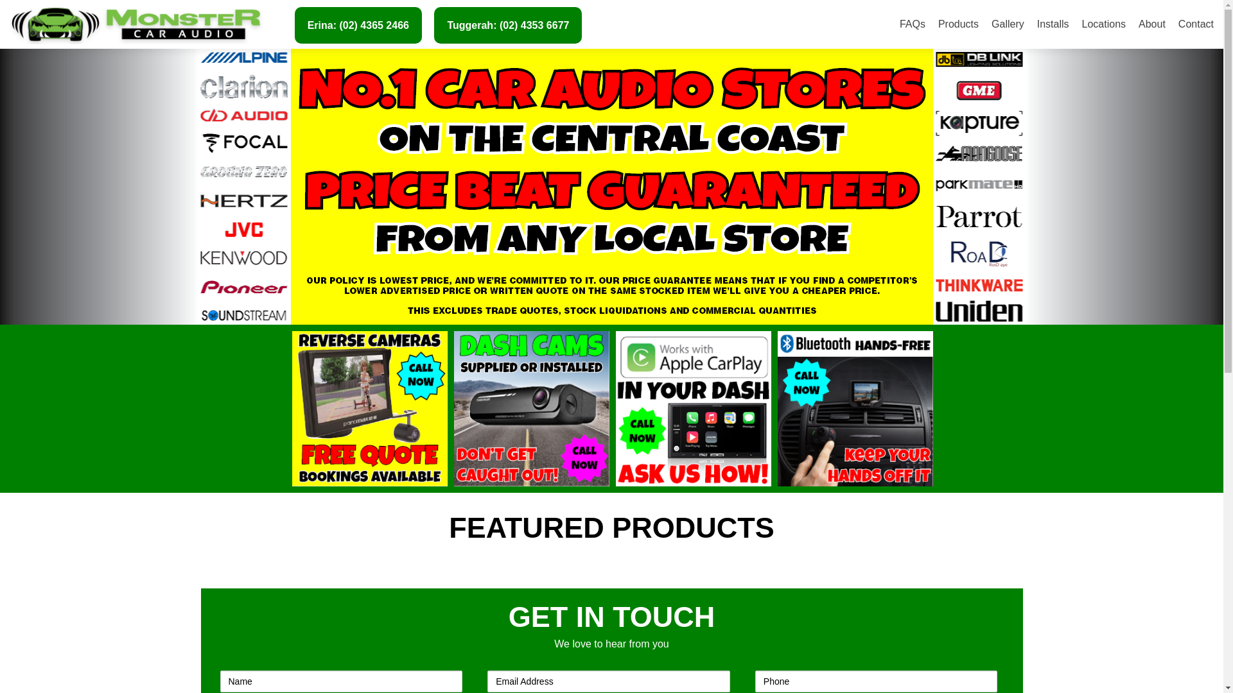 Image resolution: width=1233 pixels, height=693 pixels. I want to click on 'Contact', so click(1195, 24).